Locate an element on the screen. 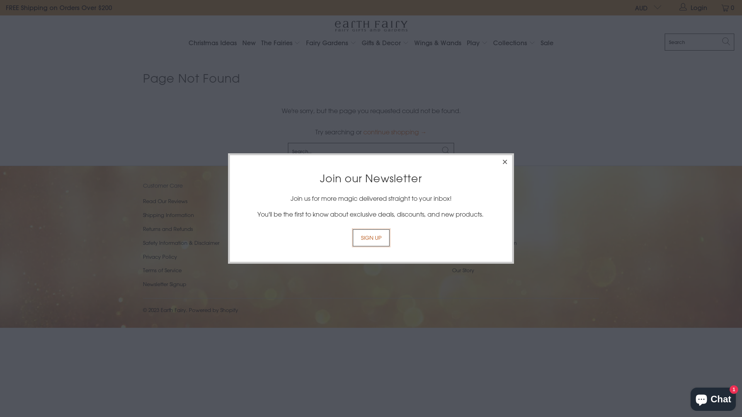 The height and width of the screenshot is (417, 742). 'Collections' is located at coordinates (493, 43).